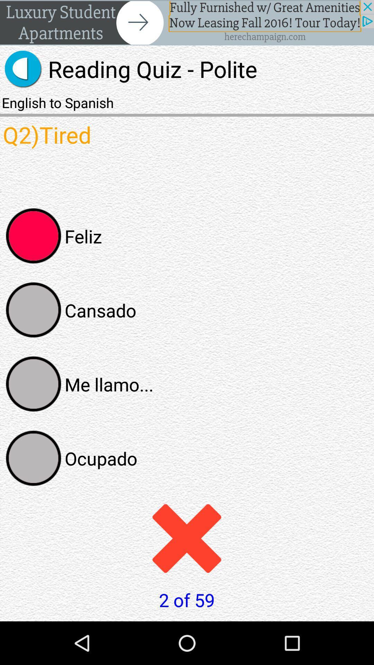 The height and width of the screenshot is (665, 374). What do you see at coordinates (34, 458) in the screenshot?
I see `click ocupado` at bounding box center [34, 458].